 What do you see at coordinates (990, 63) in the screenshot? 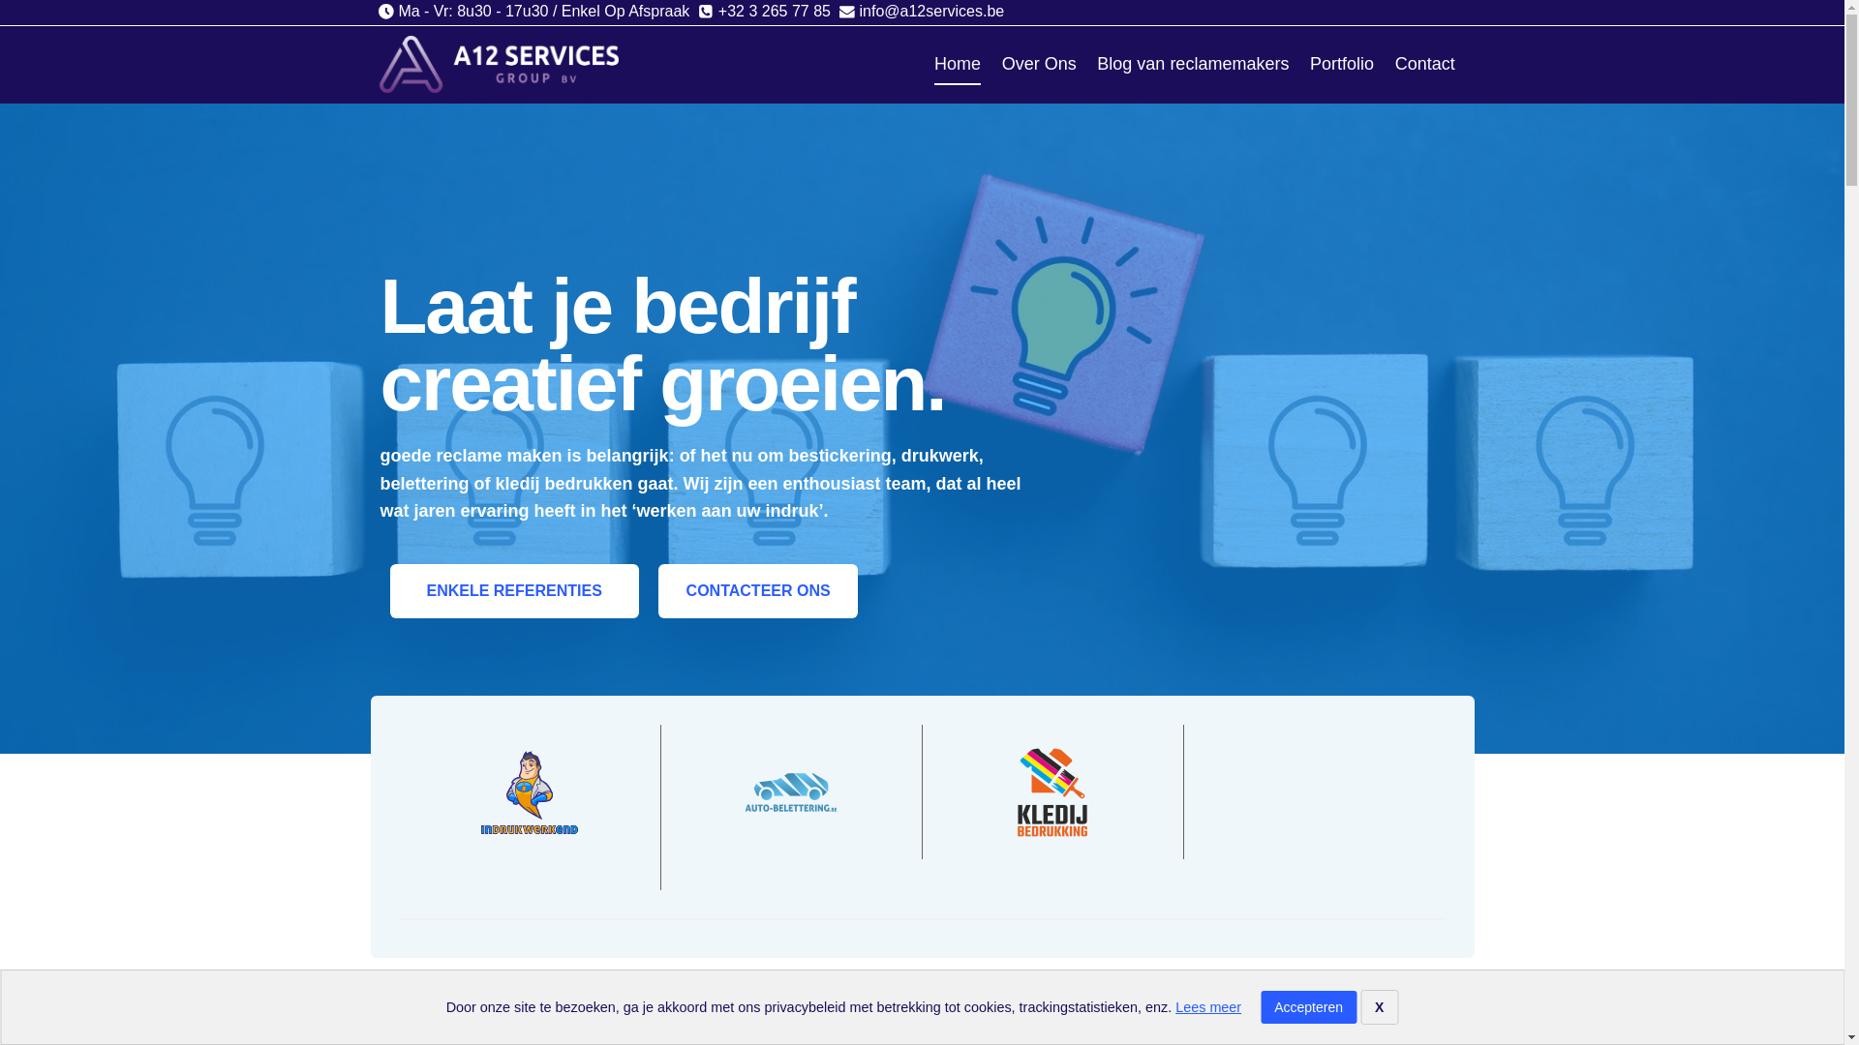
I see `'Over Ons'` at bounding box center [990, 63].